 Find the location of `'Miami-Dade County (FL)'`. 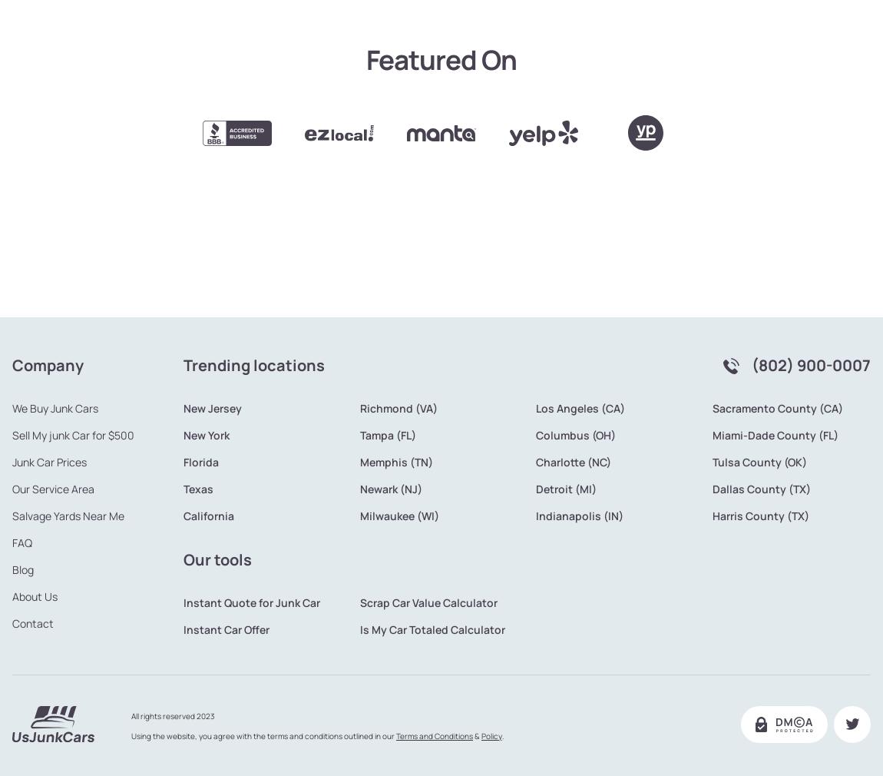

'Miami-Dade County (FL)' is located at coordinates (775, 383).